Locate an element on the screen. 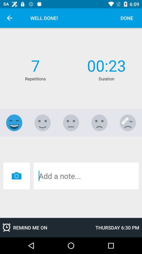  neutral emoji expression is located at coordinates (71, 123).